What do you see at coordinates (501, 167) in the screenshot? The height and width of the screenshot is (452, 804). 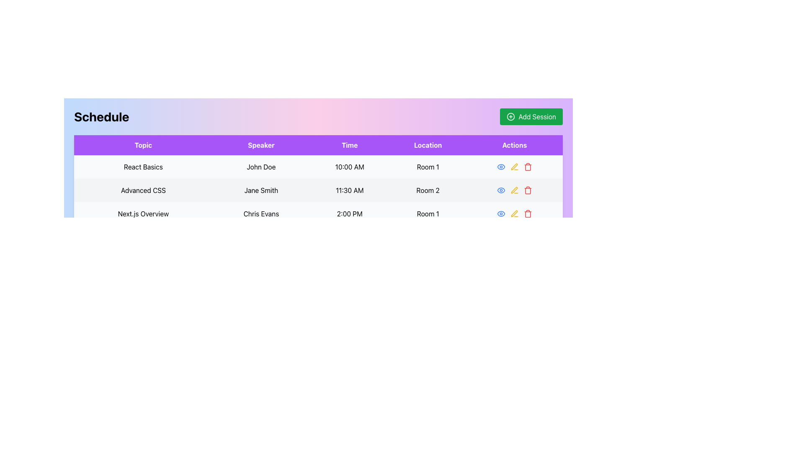 I see `the button in the third row under the 'Actions' column` at bounding box center [501, 167].